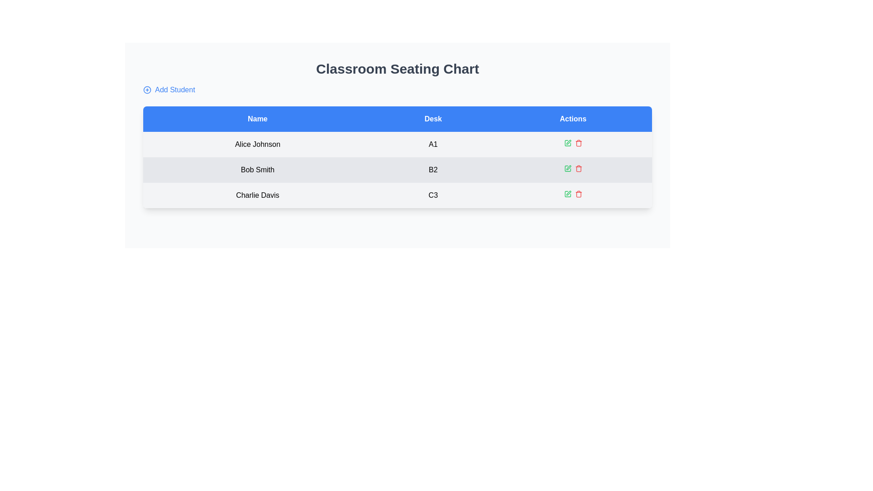 This screenshot has height=491, width=873. What do you see at coordinates (568, 168) in the screenshot?
I see `the edit action icon in the 'Actions' column of the second row for user 'Bob Smith'` at bounding box center [568, 168].